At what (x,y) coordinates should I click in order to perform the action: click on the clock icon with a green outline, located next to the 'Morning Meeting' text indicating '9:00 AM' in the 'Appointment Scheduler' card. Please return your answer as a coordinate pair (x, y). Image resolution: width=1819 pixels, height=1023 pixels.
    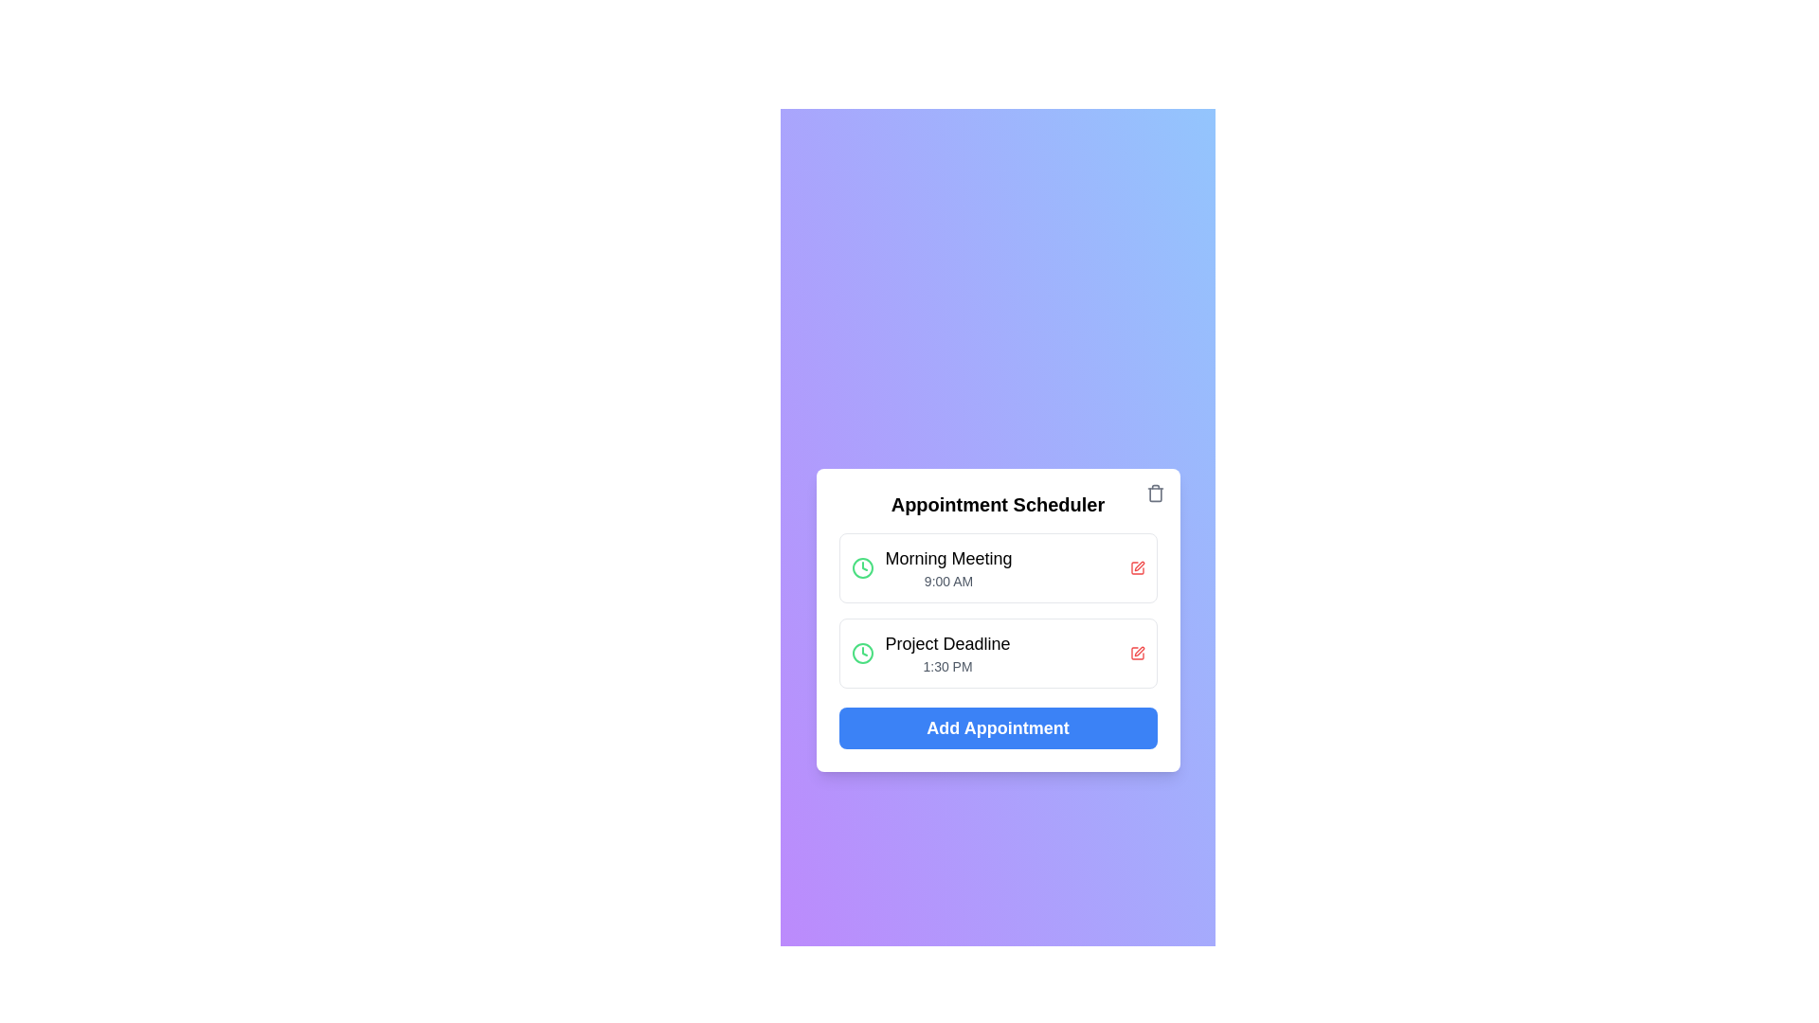
    Looking at the image, I should click on (861, 567).